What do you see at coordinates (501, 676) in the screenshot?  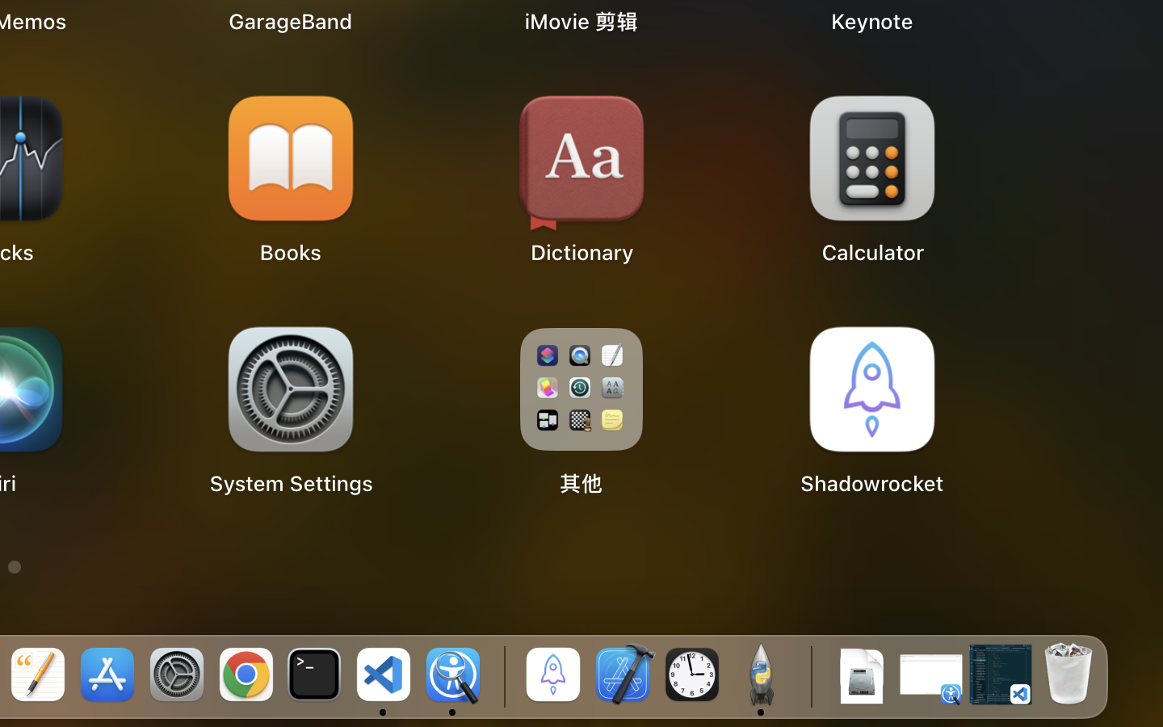 I see `'0.4285714328289032'` at bounding box center [501, 676].